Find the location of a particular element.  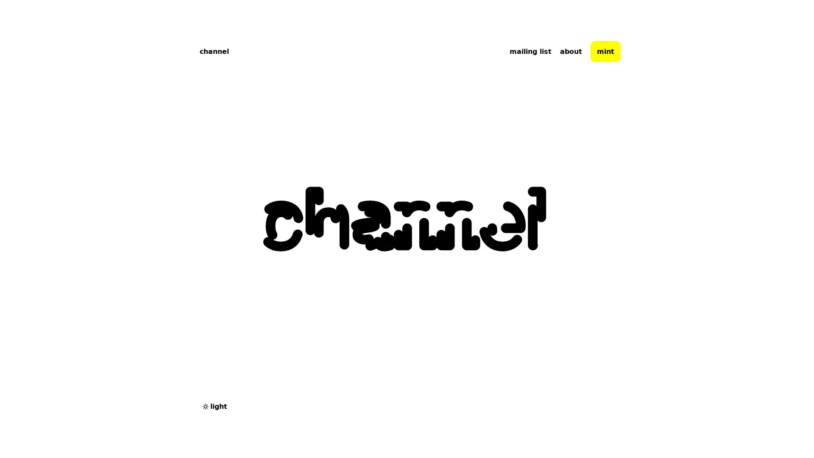

light is located at coordinates (214, 406).